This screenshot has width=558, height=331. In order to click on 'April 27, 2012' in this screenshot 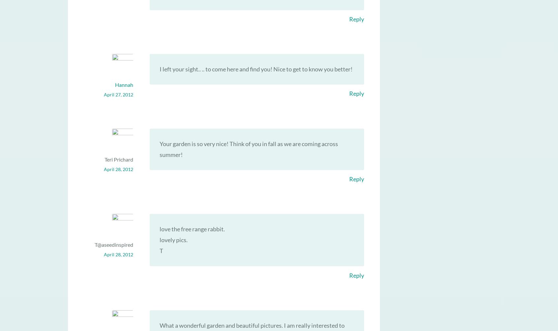, I will do `click(118, 94)`.